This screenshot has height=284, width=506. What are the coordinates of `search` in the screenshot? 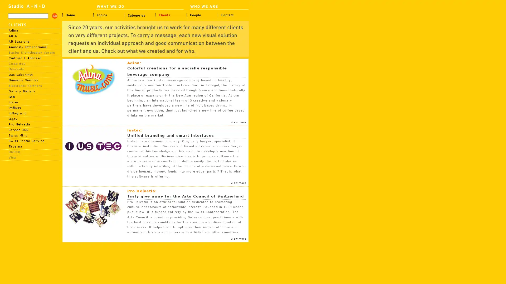 It's located at (54, 16).